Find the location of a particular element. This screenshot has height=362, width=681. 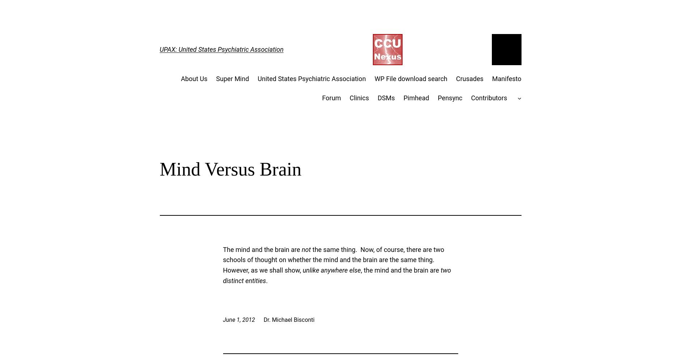

'Contributors' is located at coordinates (488, 97).